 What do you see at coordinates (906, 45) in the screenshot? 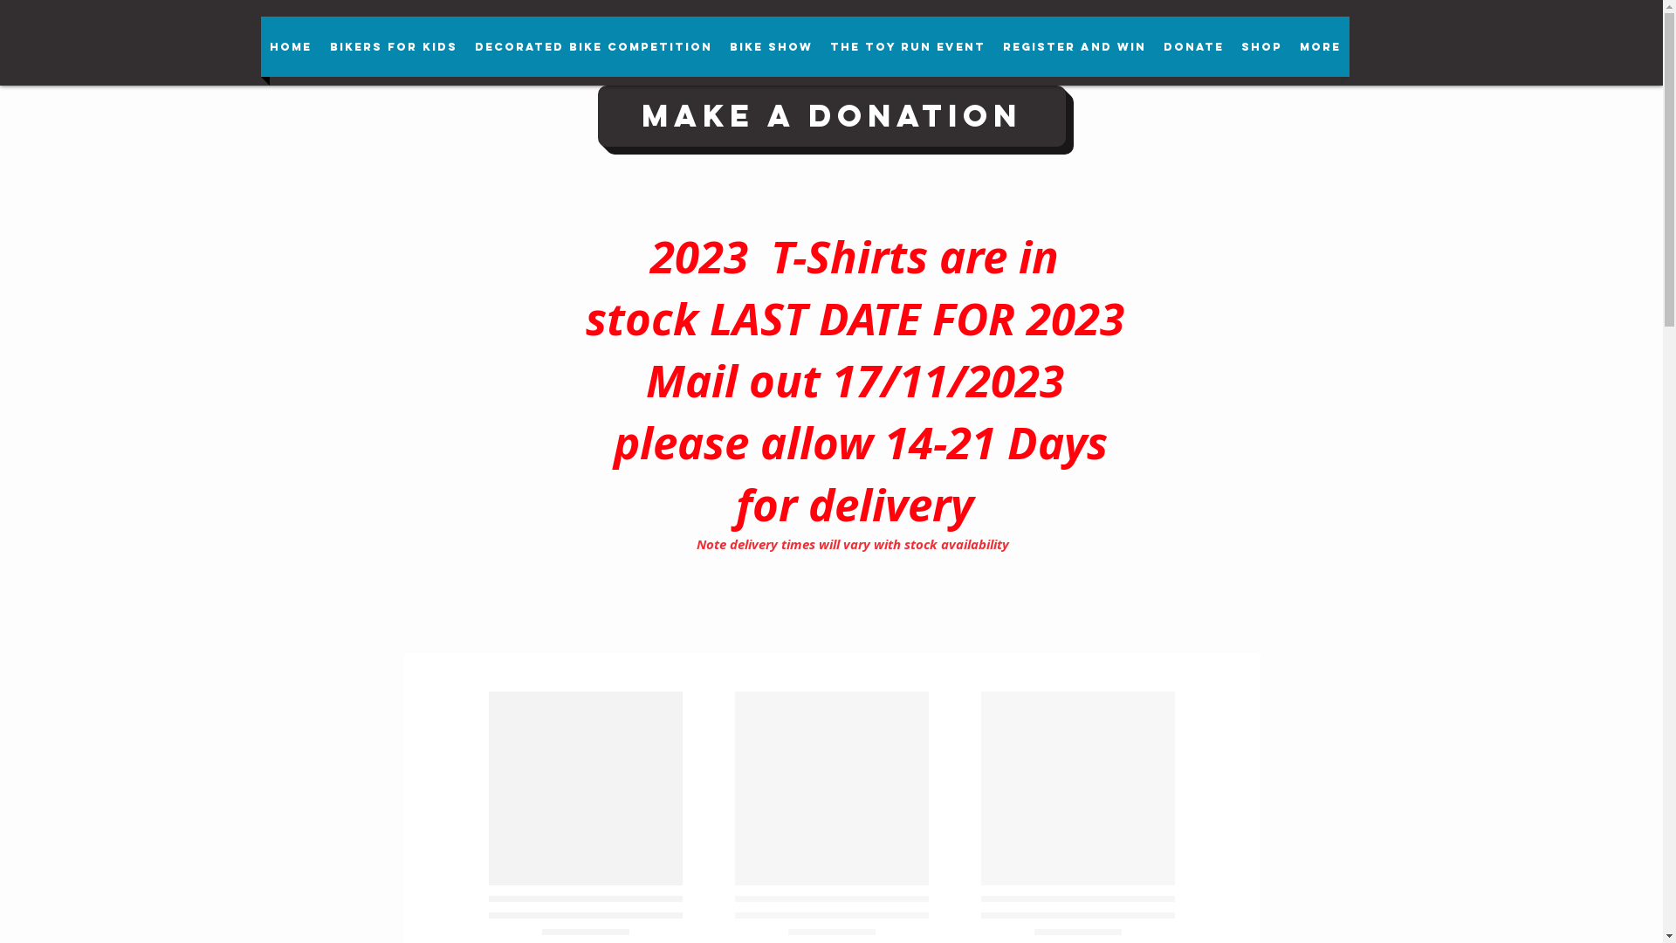
I see `'The Toy Run Event'` at bounding box center [906, 45].